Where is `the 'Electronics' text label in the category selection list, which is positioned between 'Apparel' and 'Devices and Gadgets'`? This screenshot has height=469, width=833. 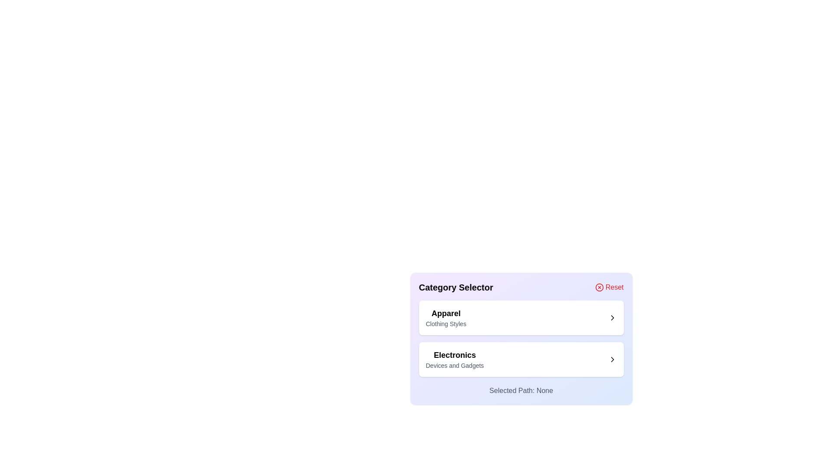 the 'Electronics' text label in the category selection list, which is positioned between 'Apparel' and 'Devices and Gadgets' is located at coordinates (454, 355).